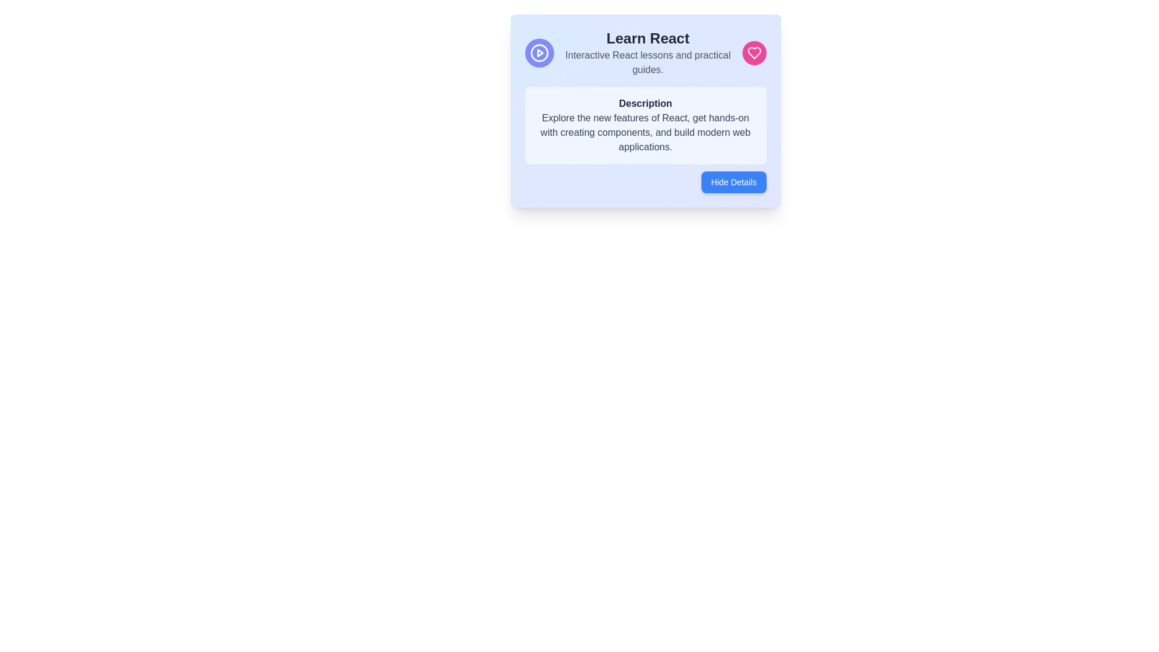  I want to click on the play icon located in the top-left corner of the card, which is associated with triggering video or audio playback for learning features, so click(538, 53).